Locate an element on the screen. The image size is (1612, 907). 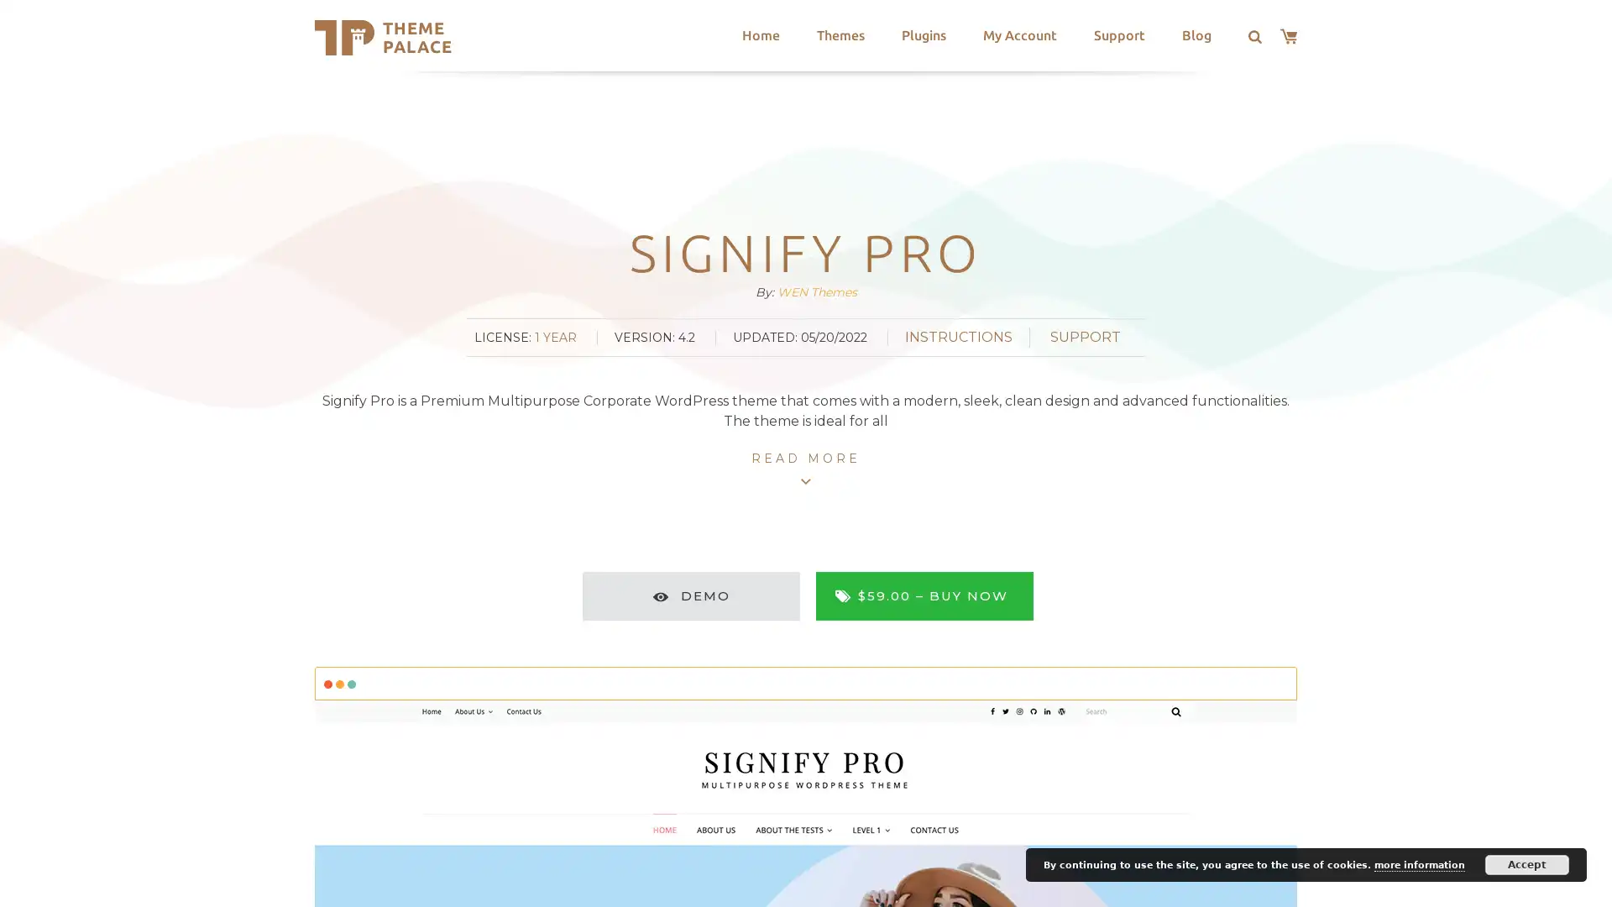
Search is located at coordinates (518, 38).